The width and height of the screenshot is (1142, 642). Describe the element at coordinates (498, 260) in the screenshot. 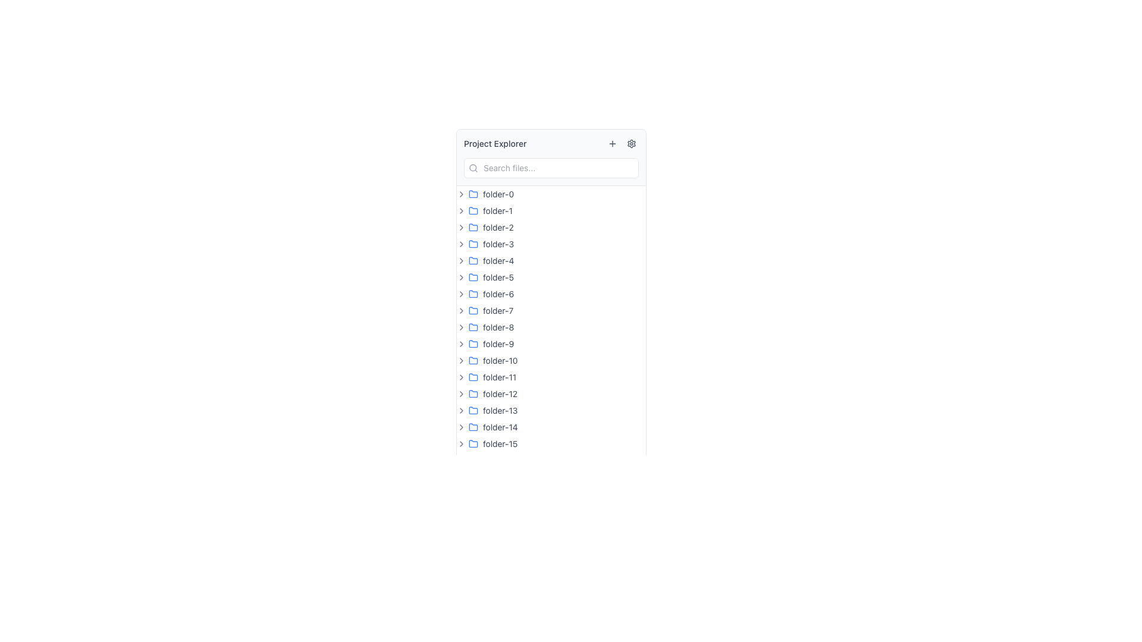

I see `the text label displaying 'folder-4' in the Project Explorer section, which is the fifth item in the vertical list of folders` at that location.